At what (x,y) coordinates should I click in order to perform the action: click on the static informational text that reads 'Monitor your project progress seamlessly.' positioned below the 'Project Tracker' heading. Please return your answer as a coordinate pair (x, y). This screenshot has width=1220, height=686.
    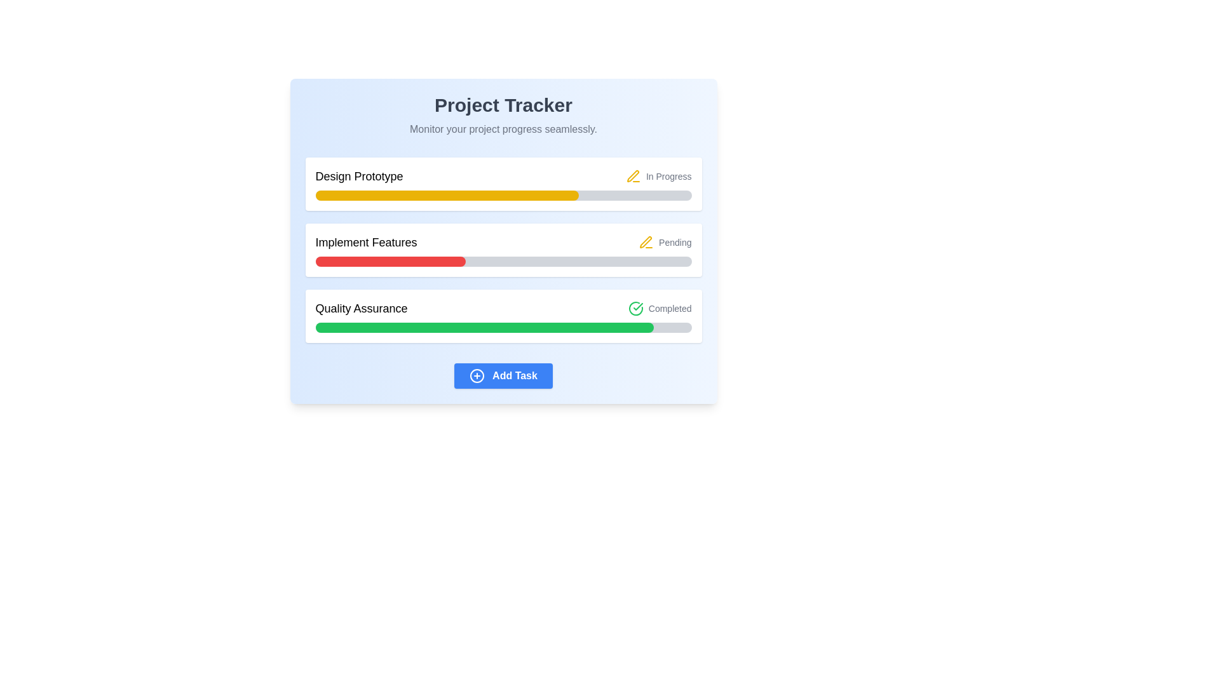
    Looking at the image, I should click on (503, 130).